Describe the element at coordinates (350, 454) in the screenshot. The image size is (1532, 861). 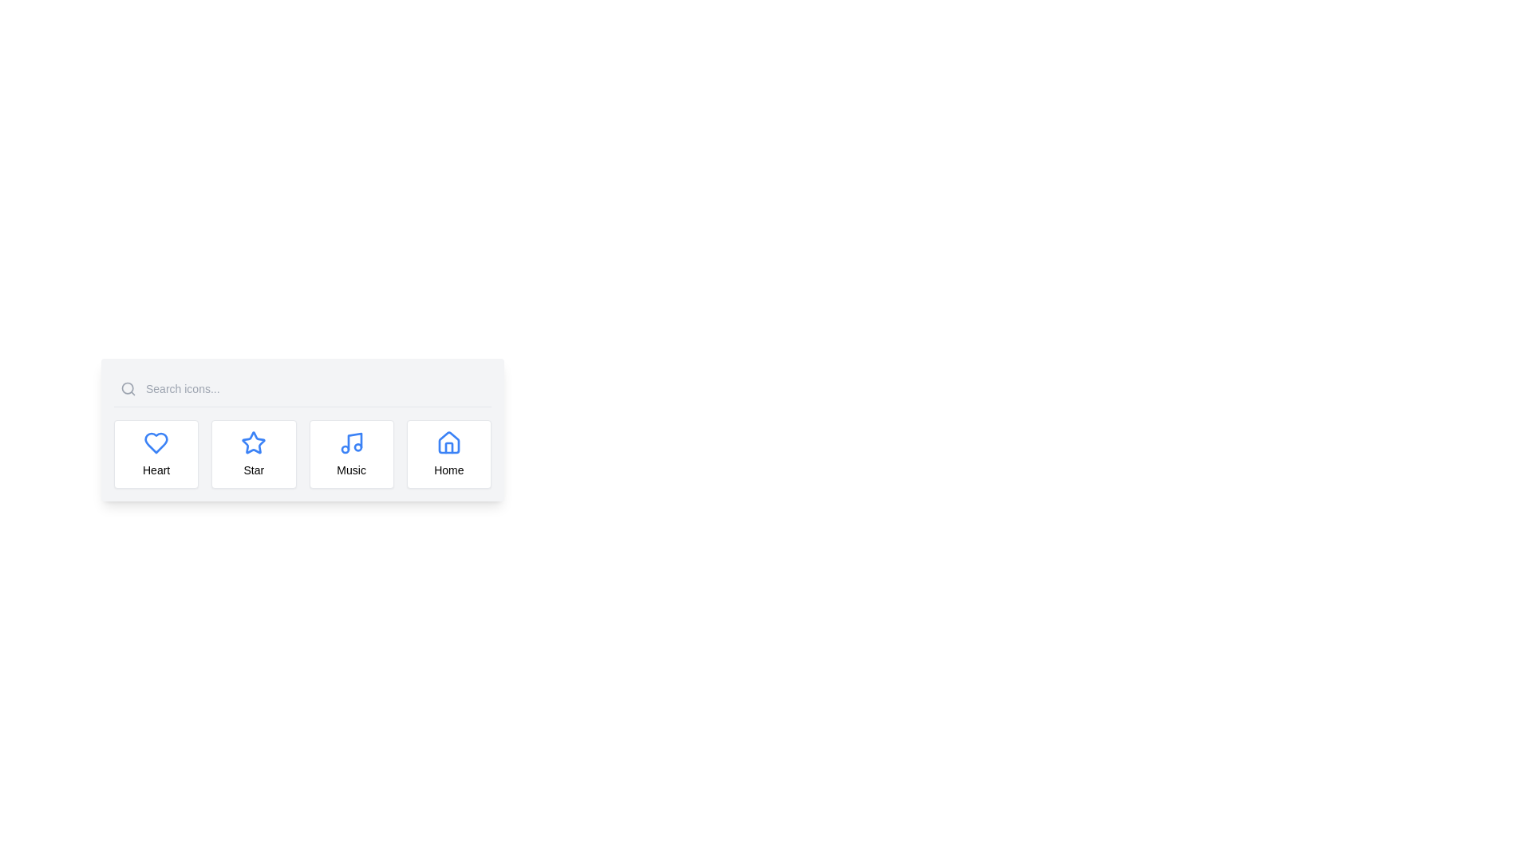
I see `the Music card's icon and label, which features a blue music note icon and the text label 'Music', located in the center-right position of the grid layout` at that location.